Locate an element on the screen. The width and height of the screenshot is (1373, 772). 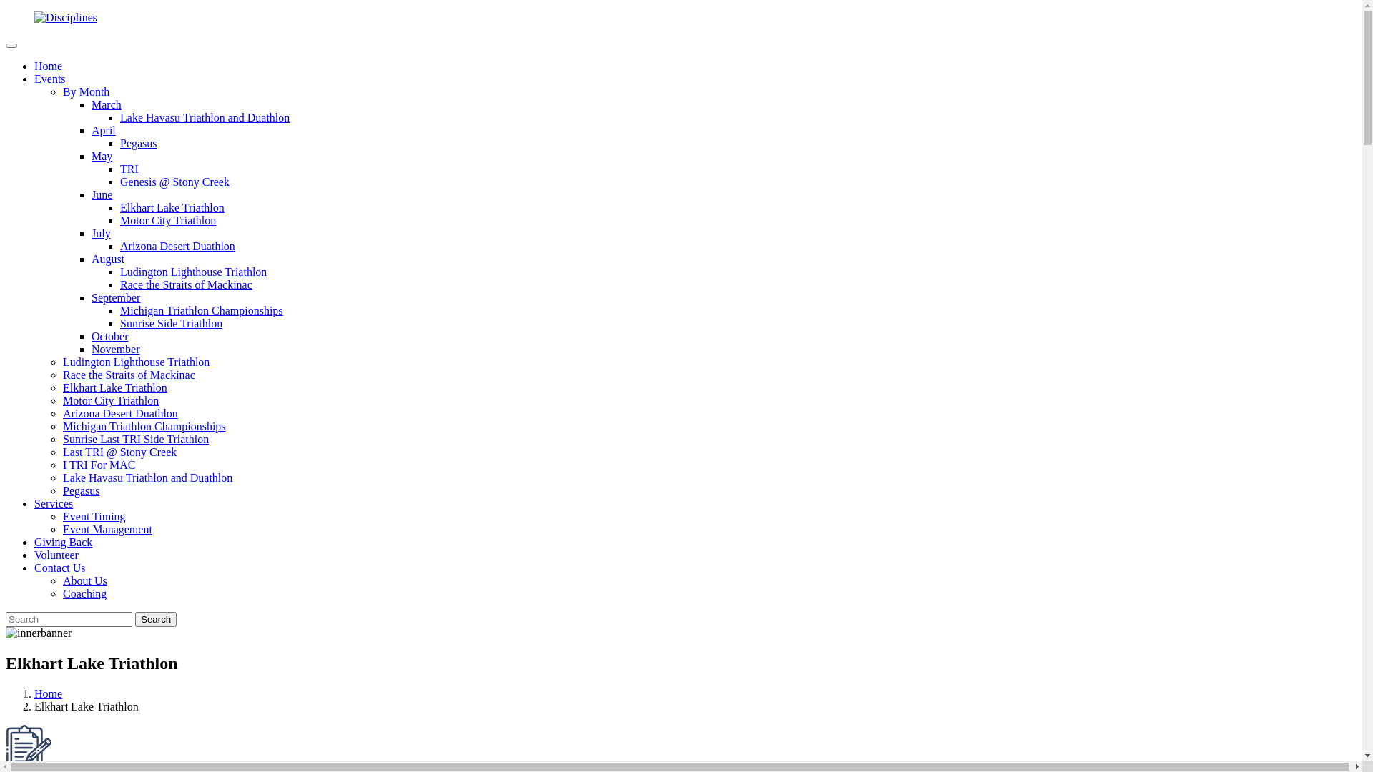
'November' is located at coordinates (91, 349).